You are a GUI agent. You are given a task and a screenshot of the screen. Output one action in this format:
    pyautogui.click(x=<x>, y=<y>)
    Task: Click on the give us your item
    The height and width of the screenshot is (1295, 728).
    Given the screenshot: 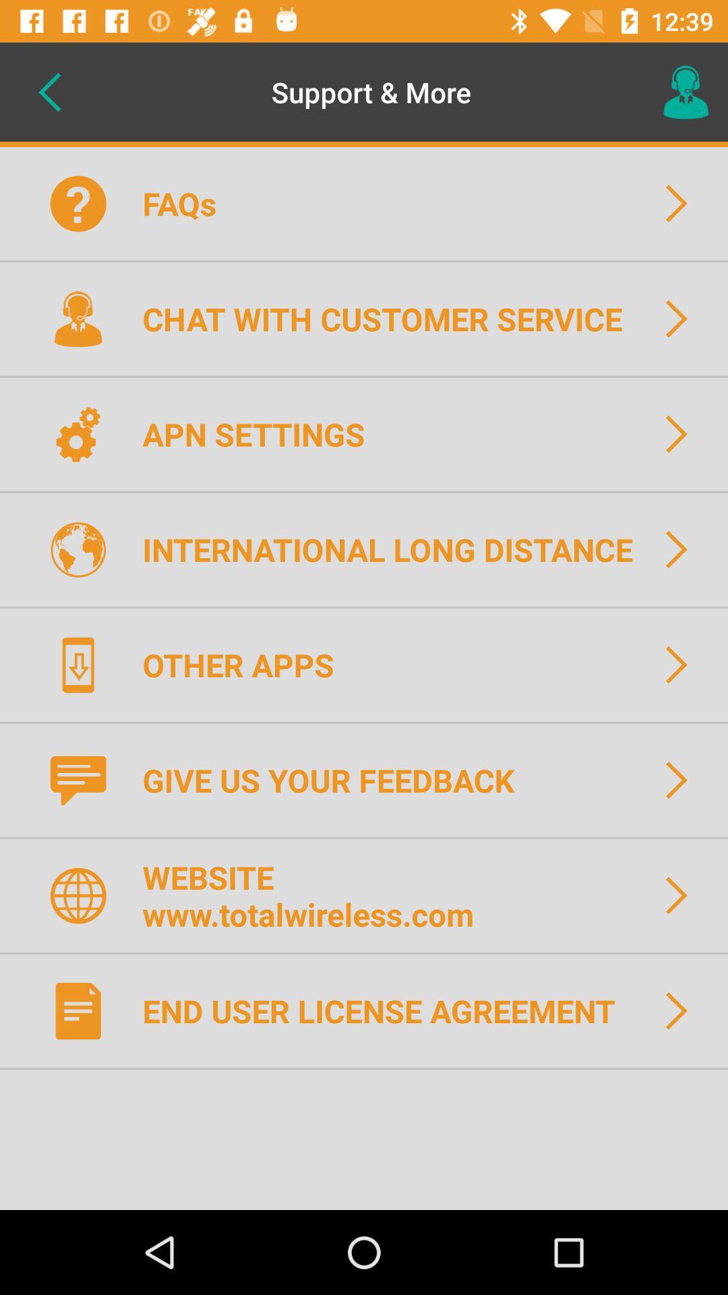 What is the action you would take?
    pyautogui.click(x=336, y=780)
    